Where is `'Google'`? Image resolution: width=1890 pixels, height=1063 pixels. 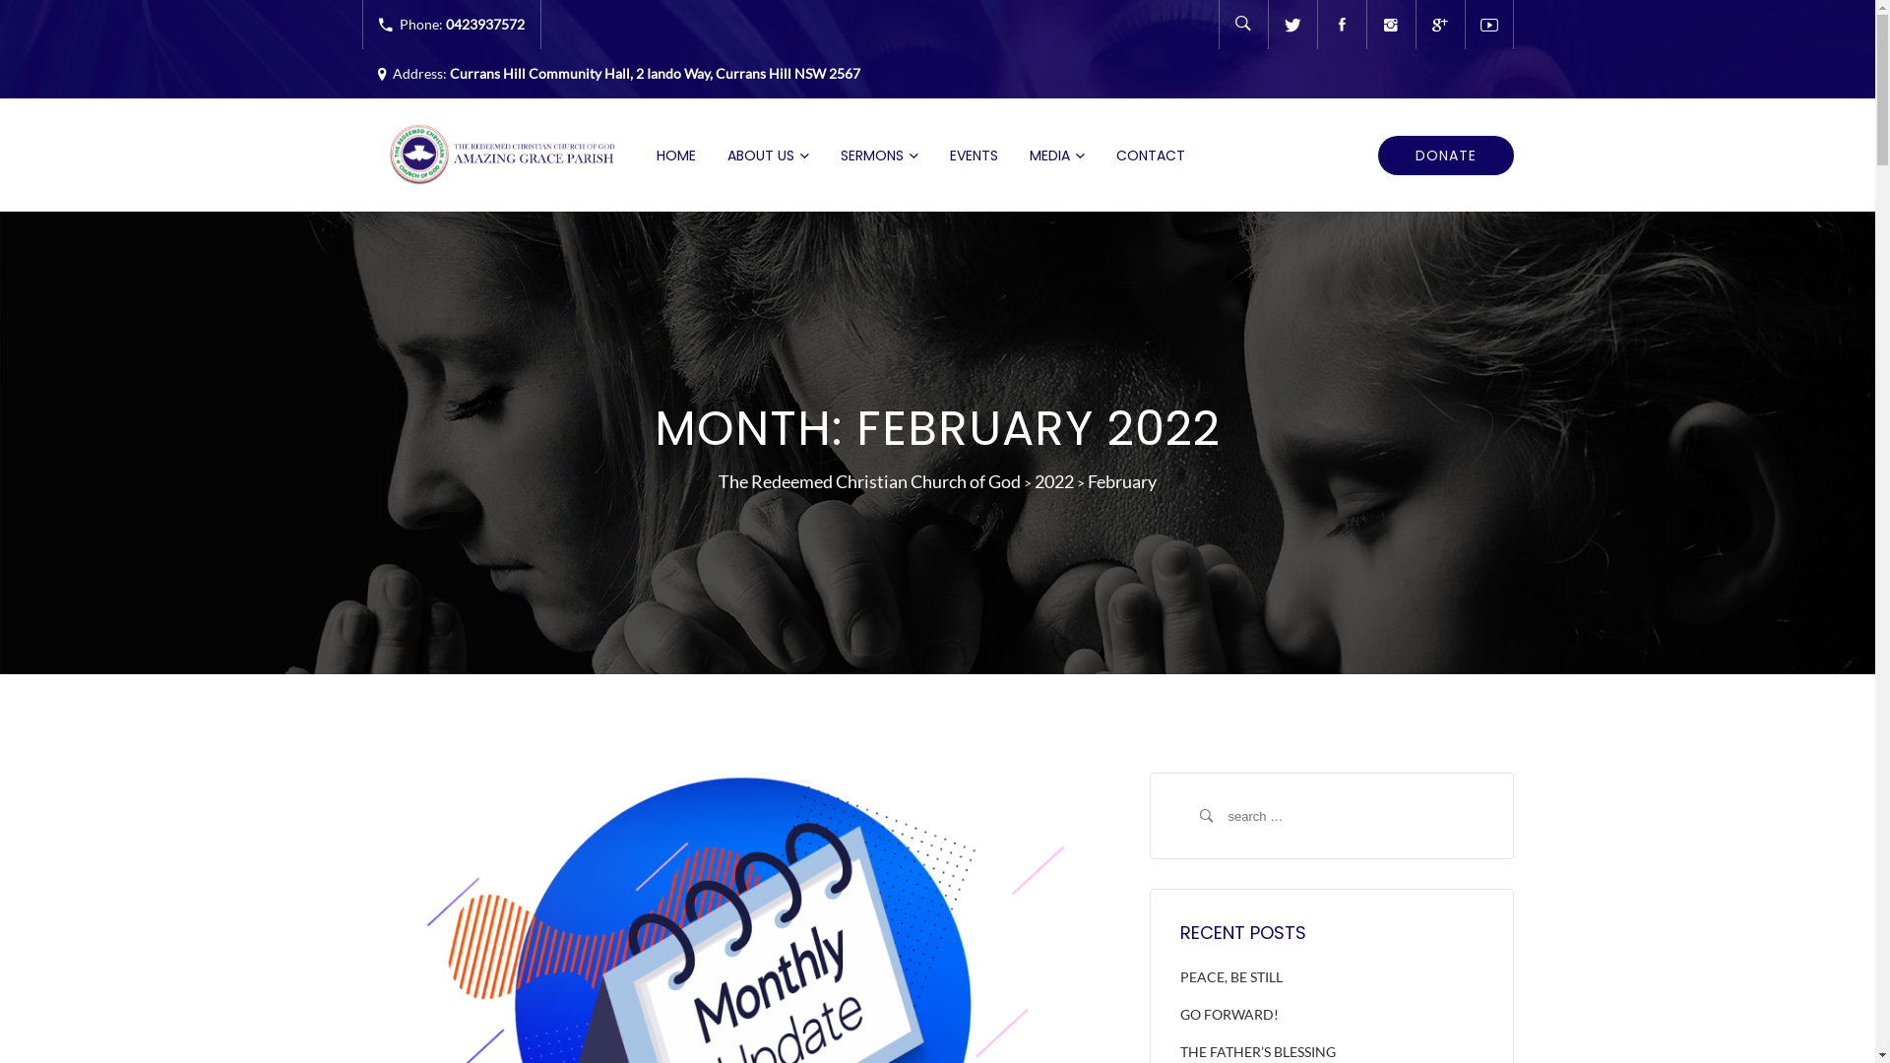 'Google' is located at coordinates (1440, 24).